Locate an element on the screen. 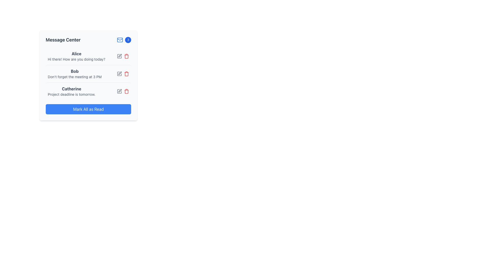 Image resolution: width=488 pixels, height=275 pixels. the text element displaying the message 'Hi there! How are you doing today?' which is styled with a small font size and gray color, located below the name 'Alice' is located at coordinates (76, 59).